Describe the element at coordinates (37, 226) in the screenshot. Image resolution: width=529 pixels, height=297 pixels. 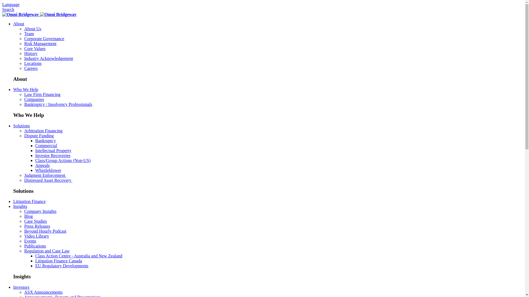
I see `'Press Releases'` at that location.